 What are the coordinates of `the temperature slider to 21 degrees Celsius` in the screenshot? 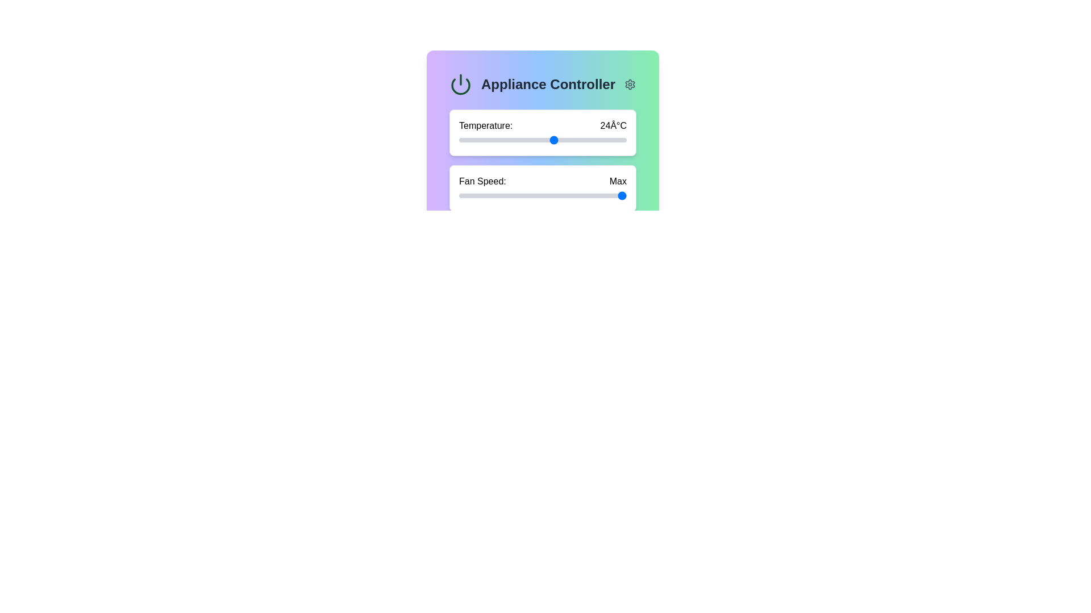 It's located at (518, 139).